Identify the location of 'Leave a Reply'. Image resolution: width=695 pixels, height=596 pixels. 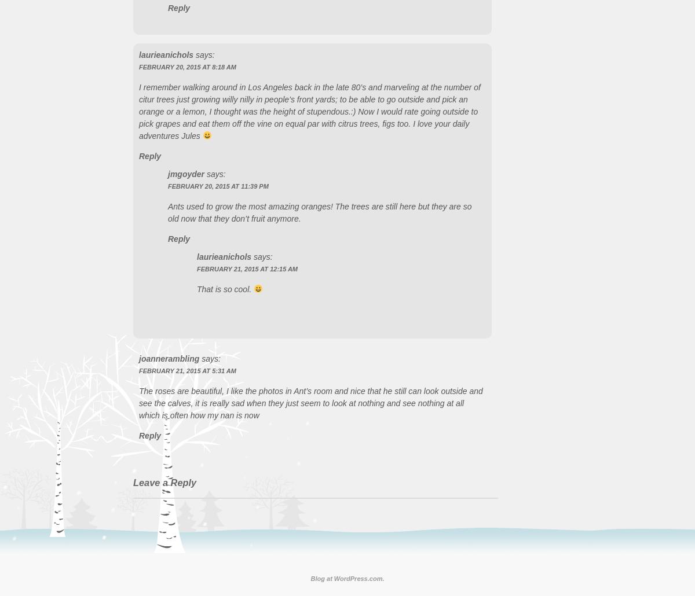
(164, 481).